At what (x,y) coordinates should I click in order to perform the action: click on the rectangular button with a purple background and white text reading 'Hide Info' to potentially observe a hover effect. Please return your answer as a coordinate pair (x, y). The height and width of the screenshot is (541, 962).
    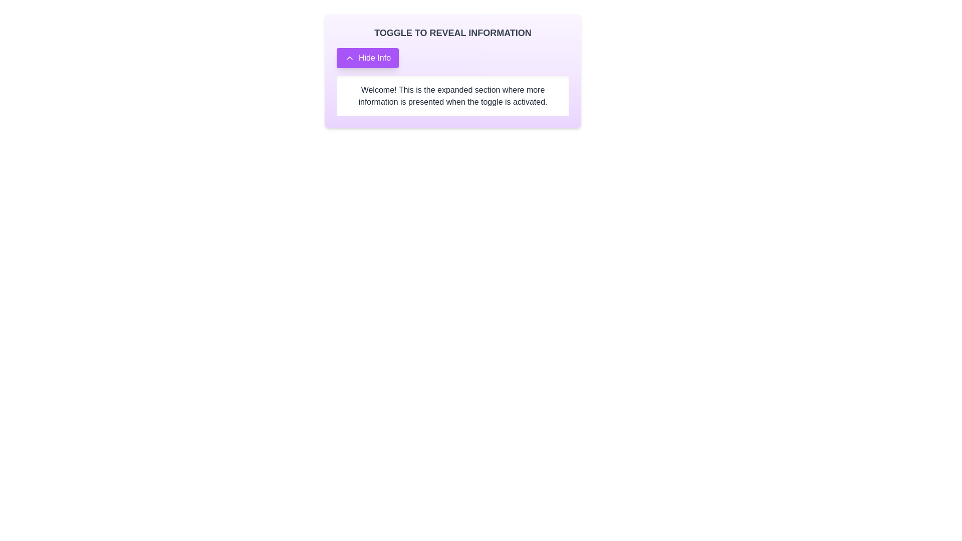
    Looking at the image, I should click on (367, 58).